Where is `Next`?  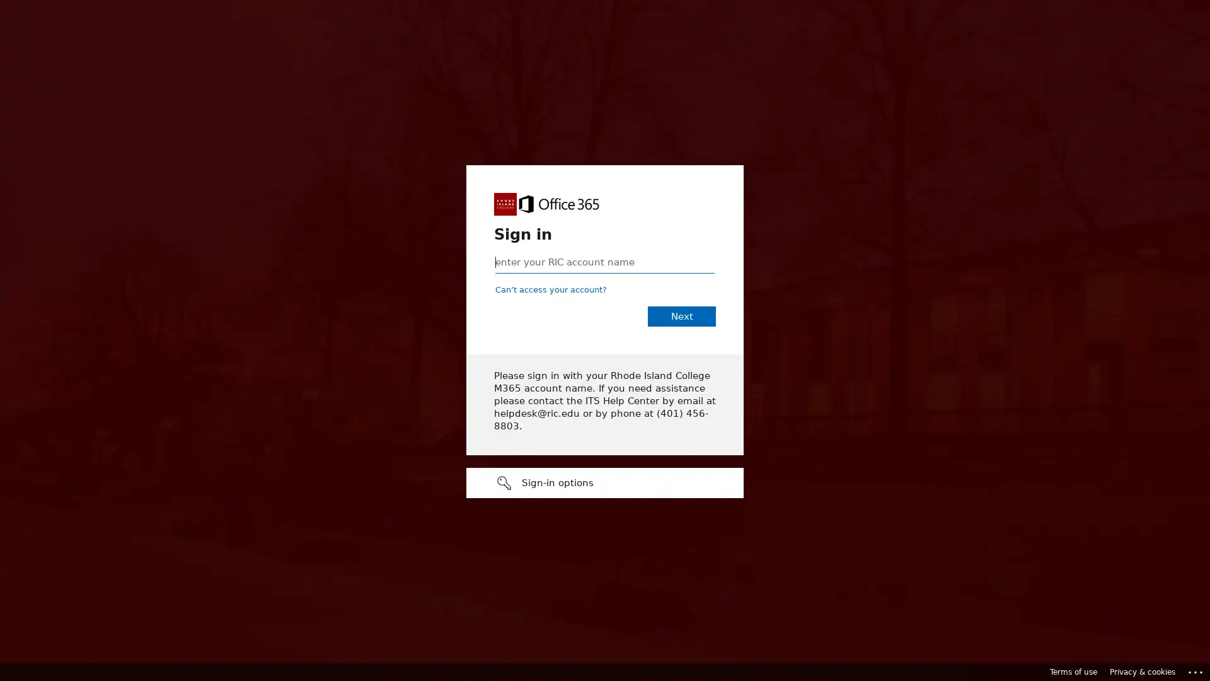 Next is located at coordinates (681, 315).